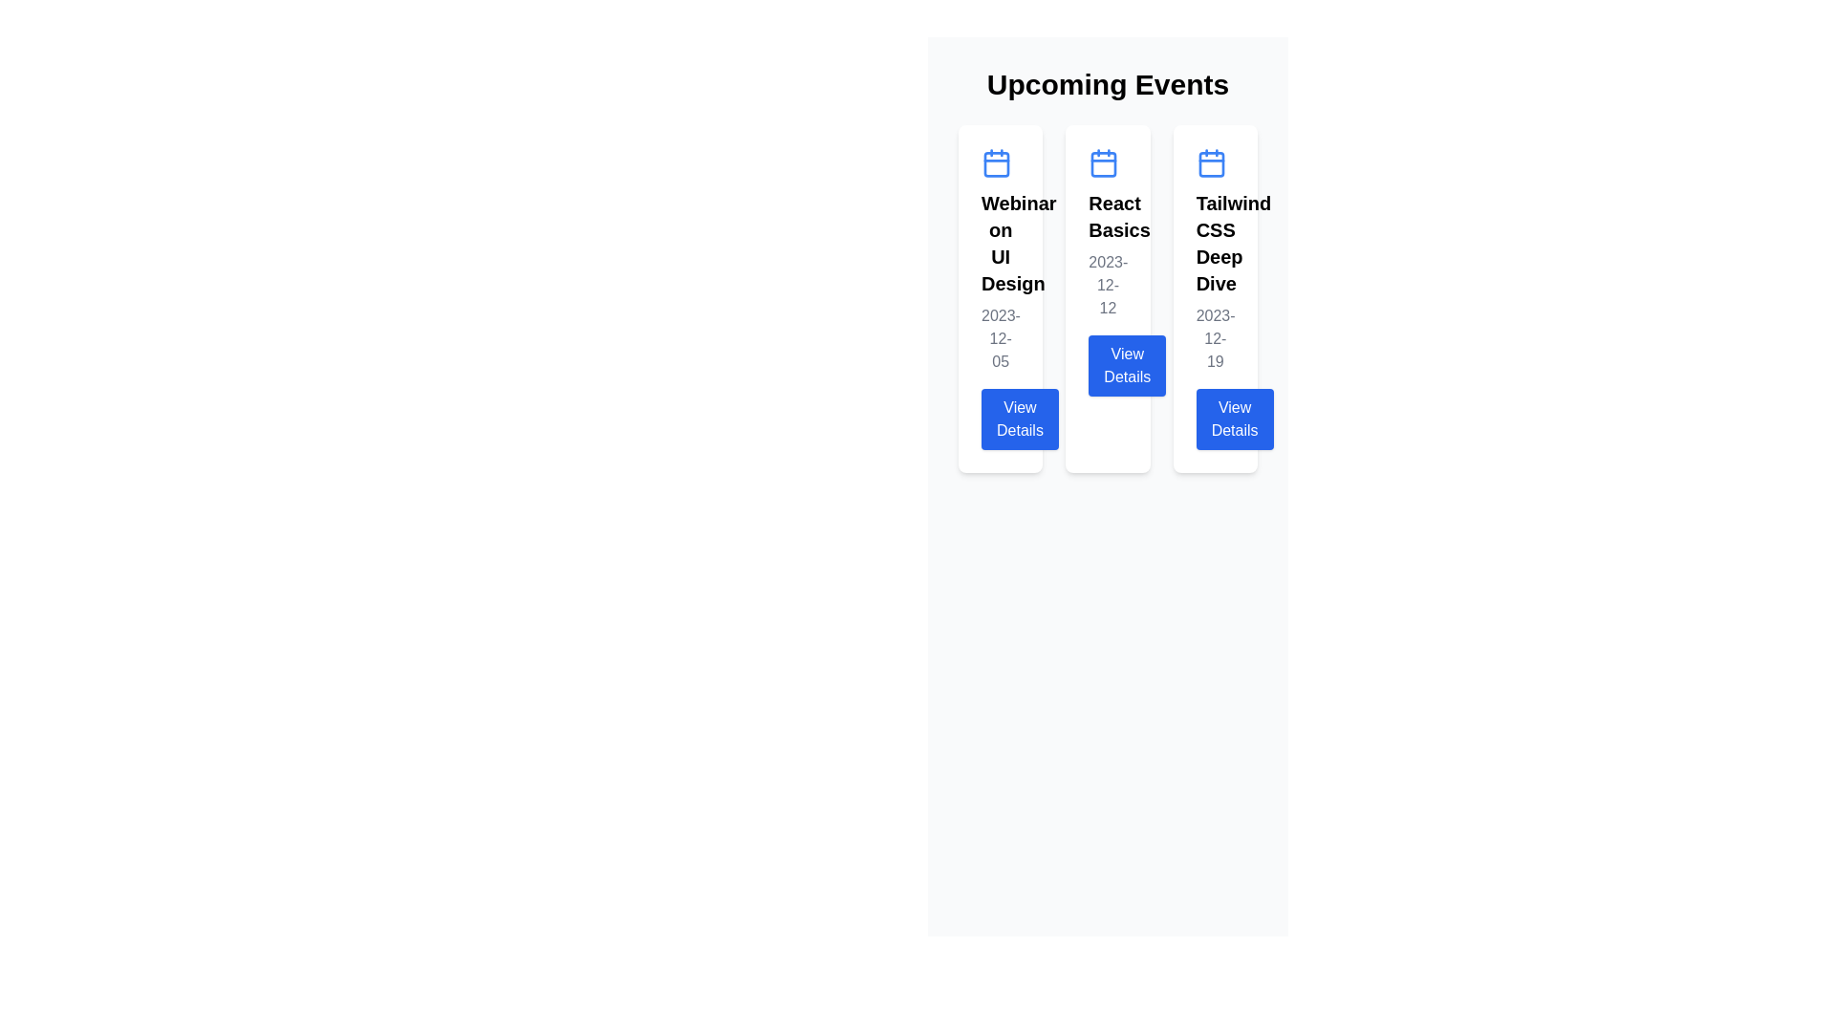 The image size is (1835, 1032). What do you see at coordinates (1214, 337) in the screenshot?
I see `the static text label displaying the date of the event 'Tailwind CSS Deep Dive', located below the title in the third column of event cards` at bounding box center [1214, 337].